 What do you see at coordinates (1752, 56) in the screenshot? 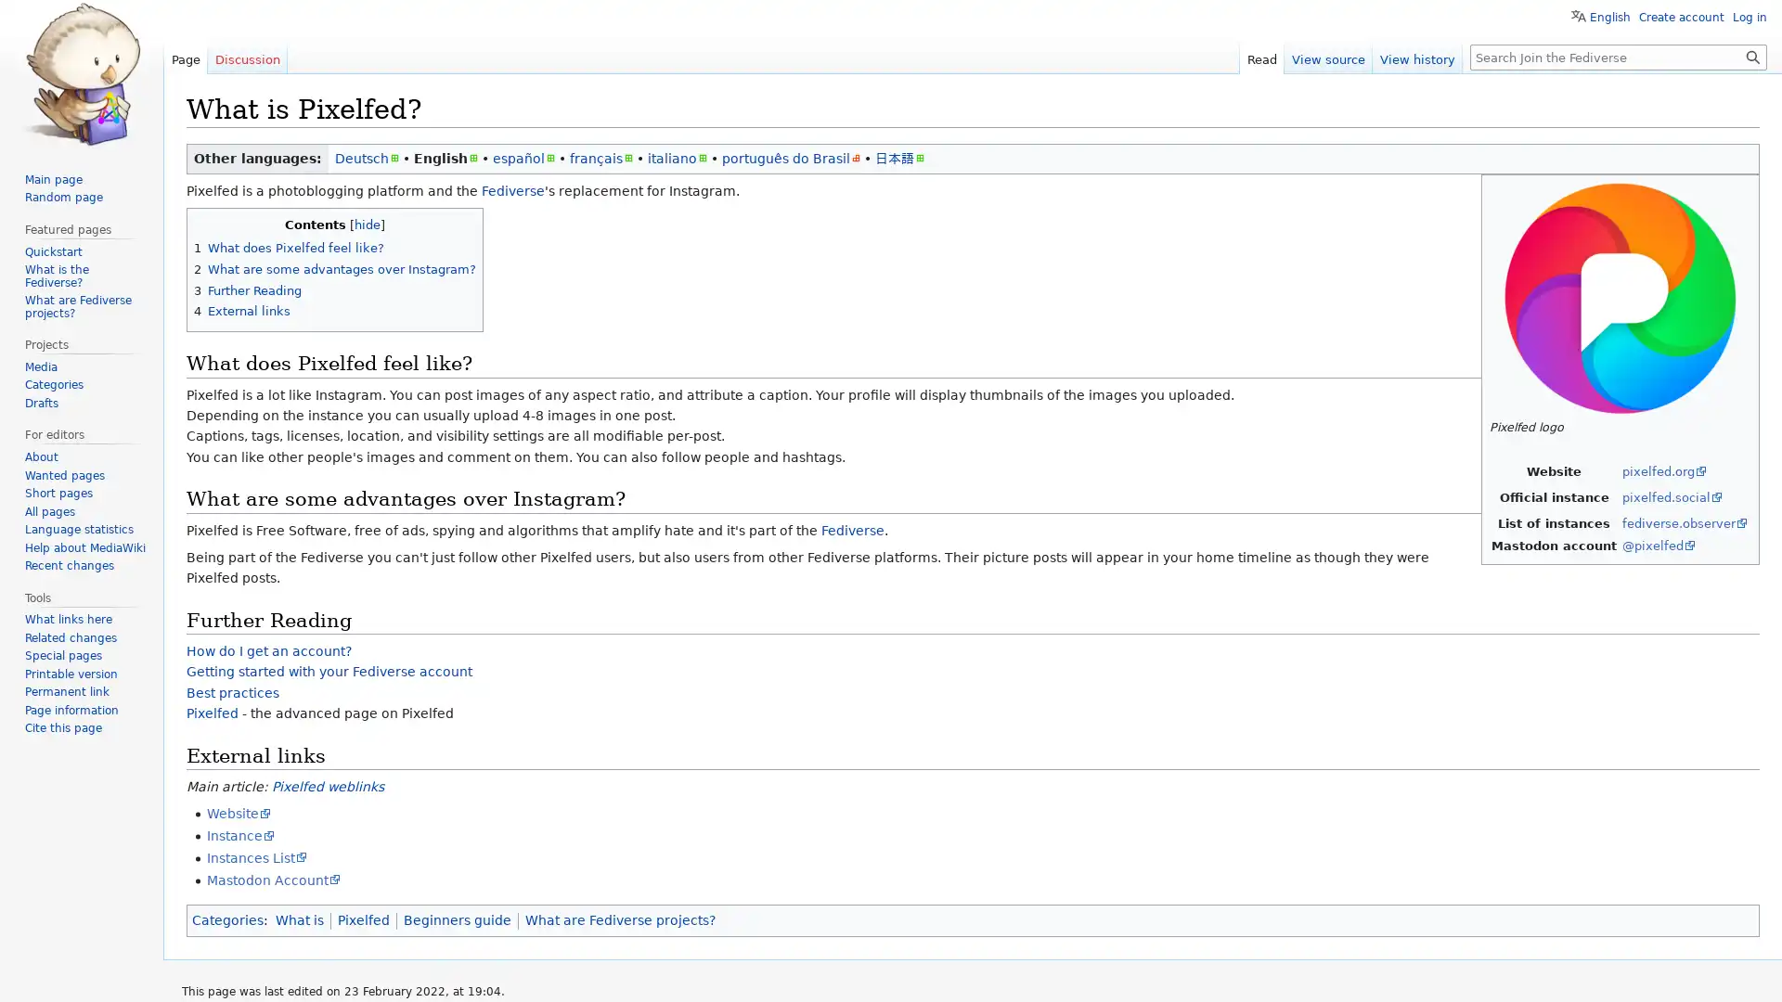
I see `Go` at bounding box center [1752, 56].